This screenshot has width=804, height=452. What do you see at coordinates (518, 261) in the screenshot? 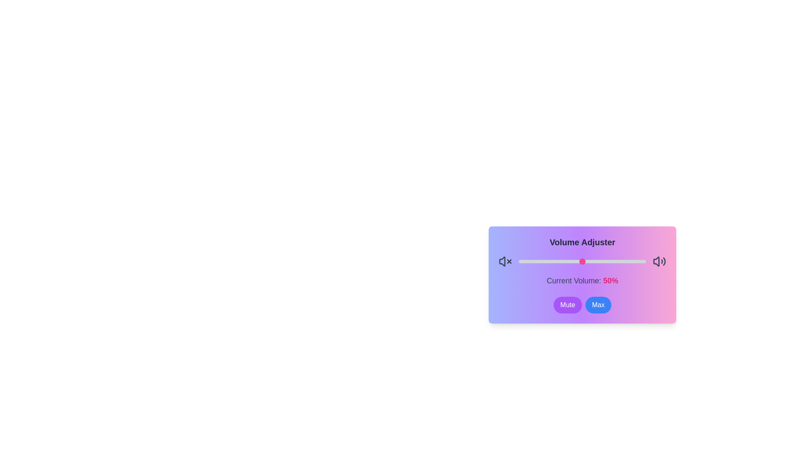
I see `the volume to 0 percent by dragging the slider` at bounding box center [518, 261].